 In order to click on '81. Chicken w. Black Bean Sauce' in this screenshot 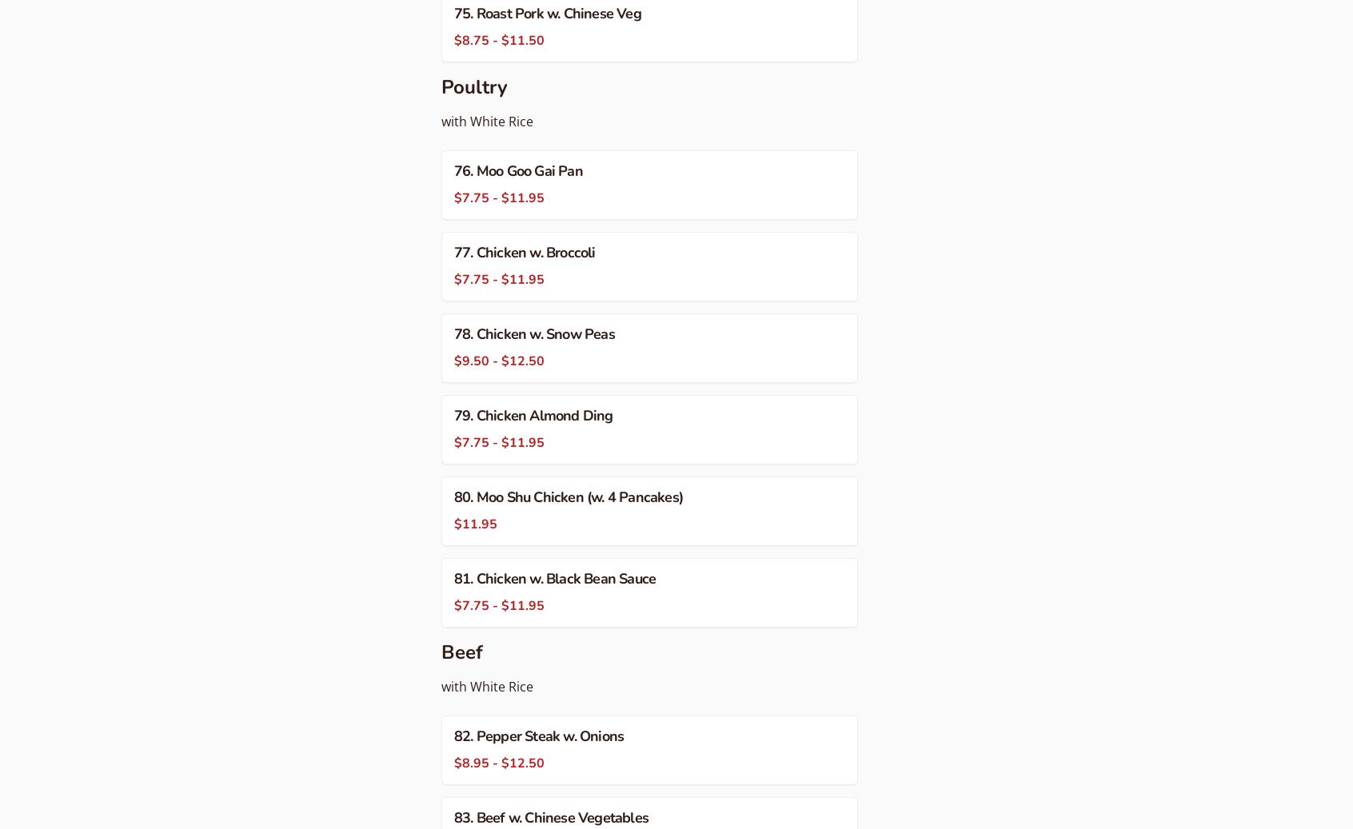, I will do `click(555, 579)`.